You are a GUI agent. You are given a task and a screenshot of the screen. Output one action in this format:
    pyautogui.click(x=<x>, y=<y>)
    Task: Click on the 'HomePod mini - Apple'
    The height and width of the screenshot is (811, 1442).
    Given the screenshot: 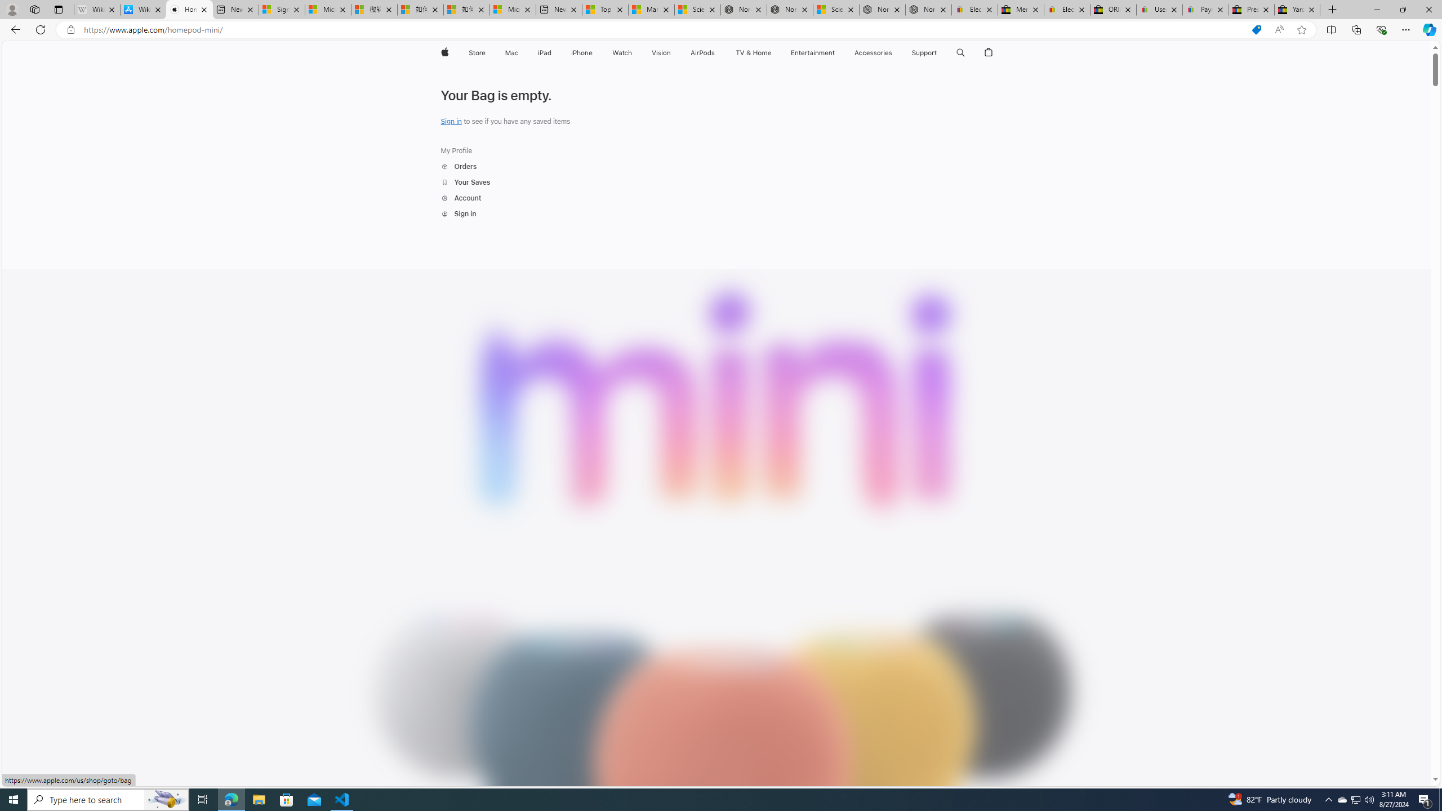 What is the action you would take?
    pyautogui.click(x=189, y=9)
    